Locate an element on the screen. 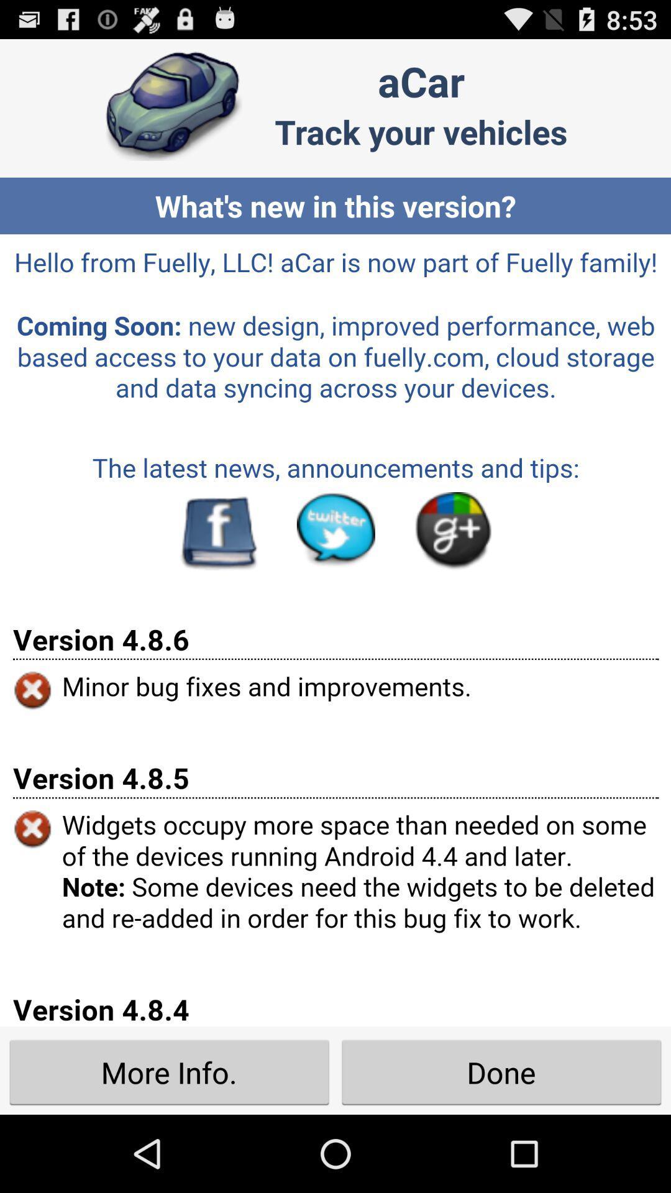 The height and width of the screenshot is (1193, 671). screen page is located at coordinates (335, 630).